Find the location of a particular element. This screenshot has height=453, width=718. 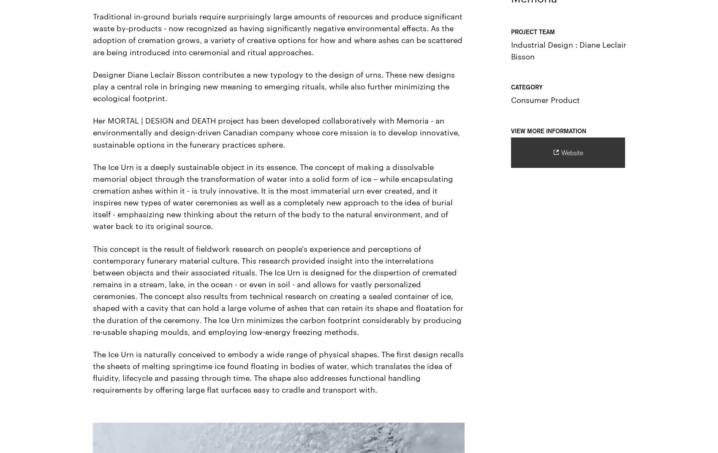

'The Ice Urn is naturally conceived to embody a wide range of physical shapes. The first design recalls the sheets of melting springtime ice found floating in bodies of water, which translates the idea of fluidity, lifecycle and passing through time. The shape also addresses functional handling requirements by offering large flat surfaces easy to cradle and transport with.' is located at coordinates (279, 371).